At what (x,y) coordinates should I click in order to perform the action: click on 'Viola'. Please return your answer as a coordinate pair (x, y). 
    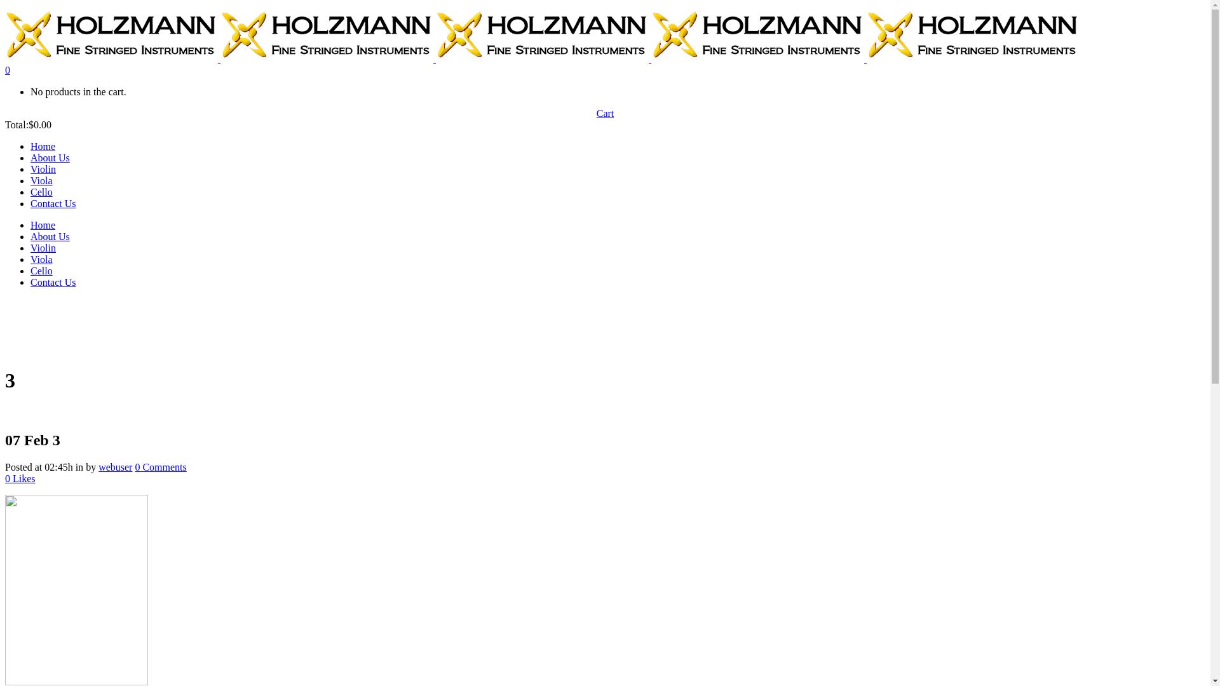
    Looking at the image, I should click on (41, 180).